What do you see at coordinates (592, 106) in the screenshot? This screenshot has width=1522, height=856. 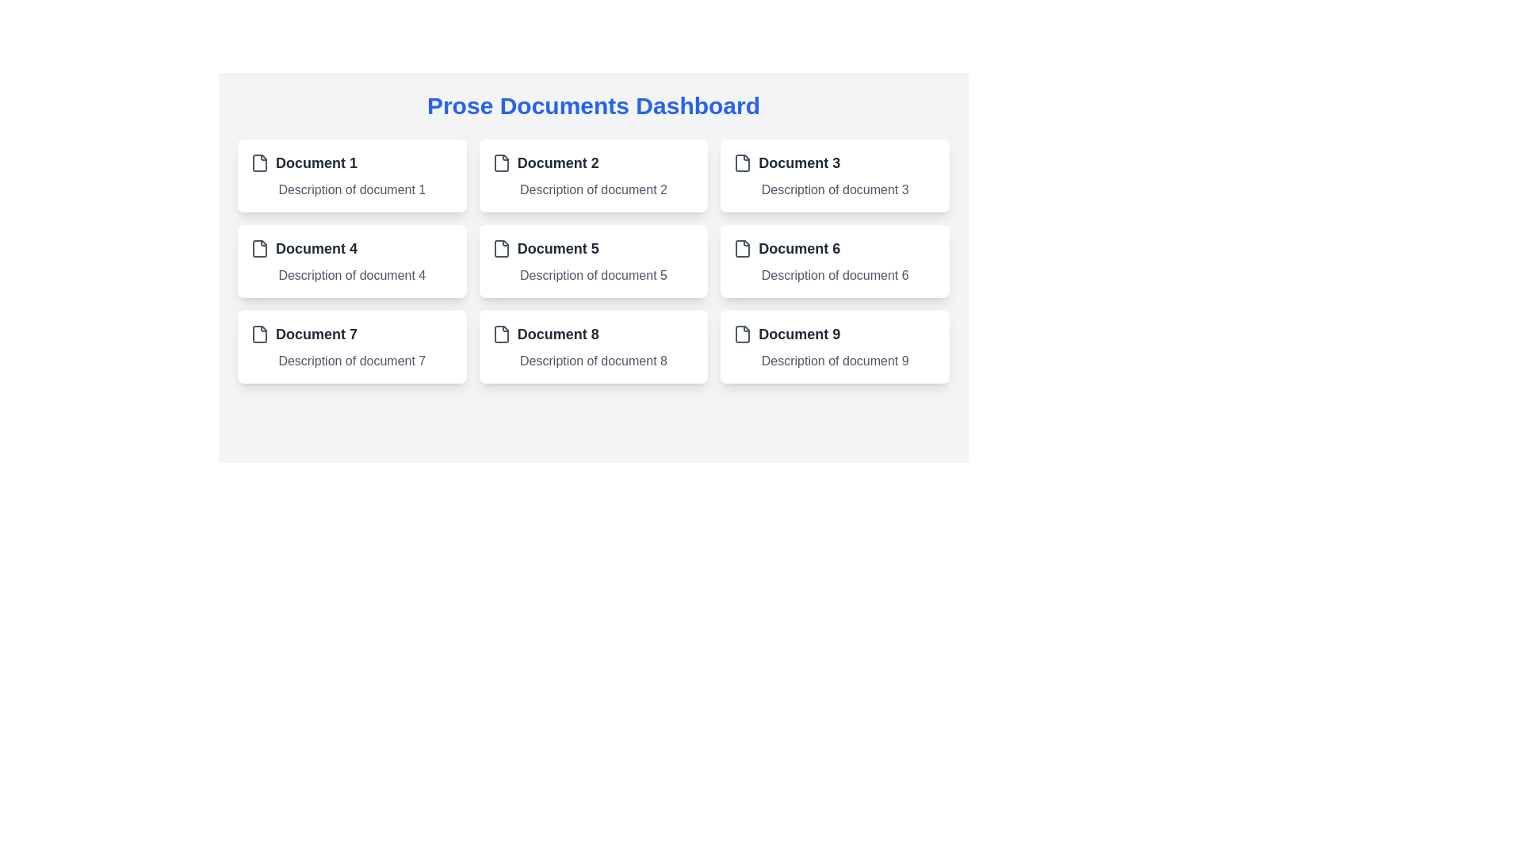 I see `text of the Heading element, which serves as the title for the current section or page, located at the top of the user interface` at bounding box center [592, 106].